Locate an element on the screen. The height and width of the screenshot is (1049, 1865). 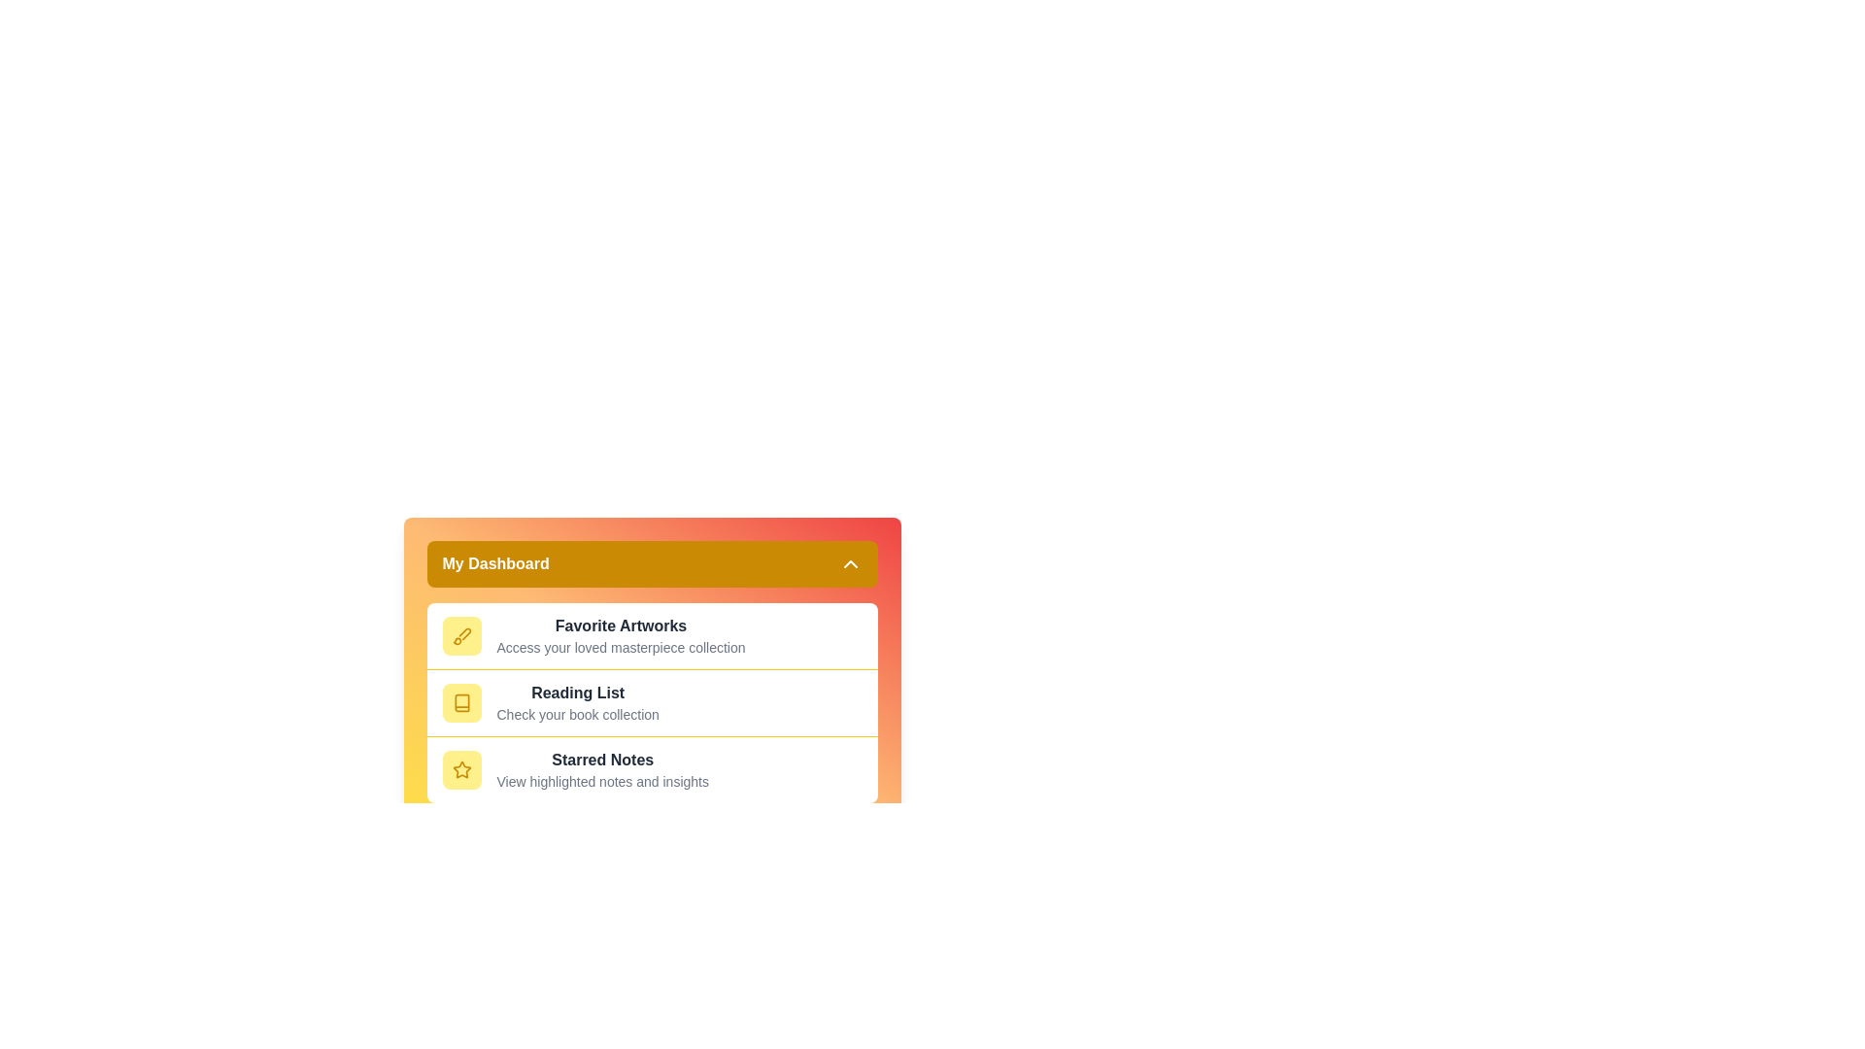
the reading list icon located in the second list item under the 'My Dashboard' section, adjacent to the 'Reading List' label is located at coordinates (460, 703).